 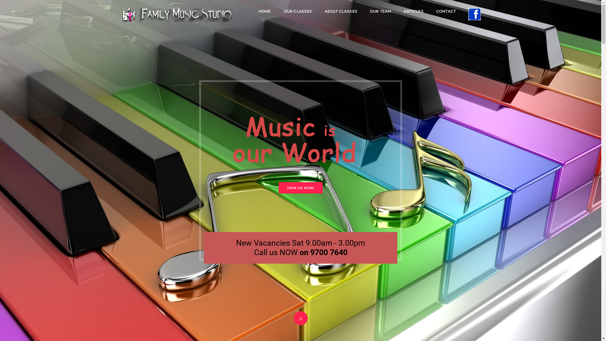 What do you see at coordinates (380, 11) in the screenshot?
I see `'OUR TEAM'` at bounding box center [380, 11].